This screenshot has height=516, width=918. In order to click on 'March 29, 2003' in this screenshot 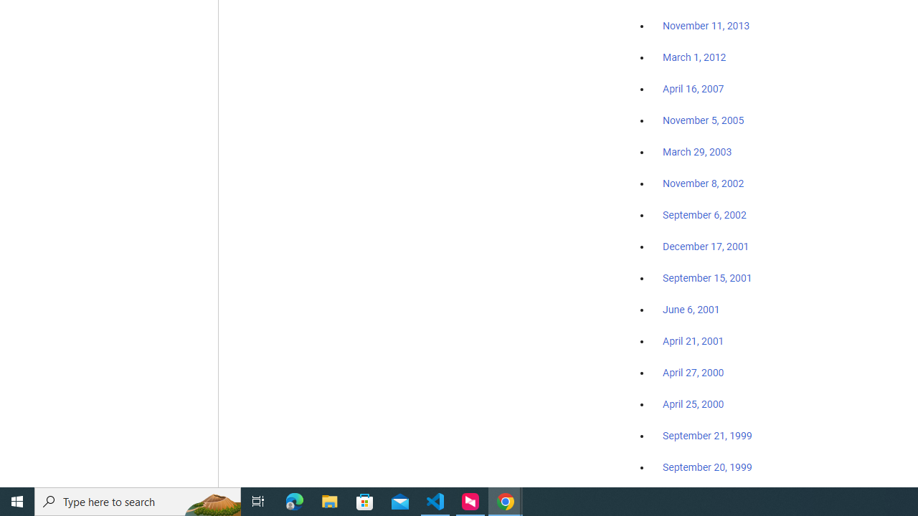, I will do `click(697, 152)`.